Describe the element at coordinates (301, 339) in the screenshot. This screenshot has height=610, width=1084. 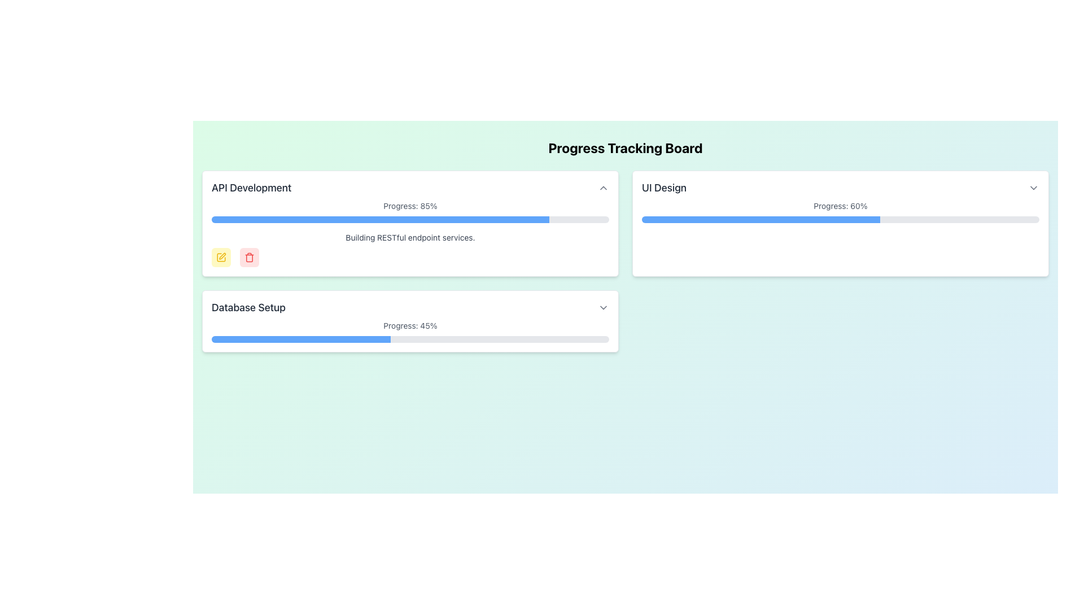
I see `the Progress indicator located in the 'Database Setup' section of the 'Progress Tracking Board' interface, which visually represents the percentage of progress for a task and is positioned centrally within the gray progress bar` at that location.